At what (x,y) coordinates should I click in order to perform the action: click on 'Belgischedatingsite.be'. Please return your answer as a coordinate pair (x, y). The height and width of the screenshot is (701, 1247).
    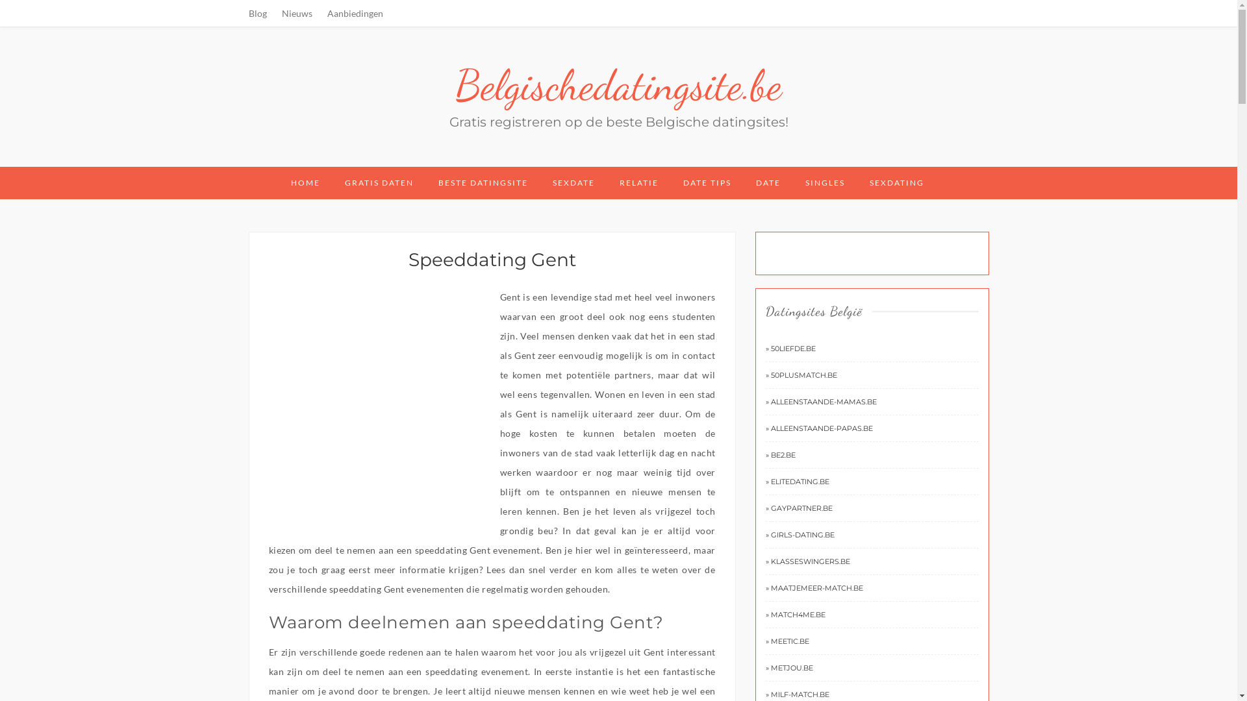
    Looking at the image, I should click on (618, 85).